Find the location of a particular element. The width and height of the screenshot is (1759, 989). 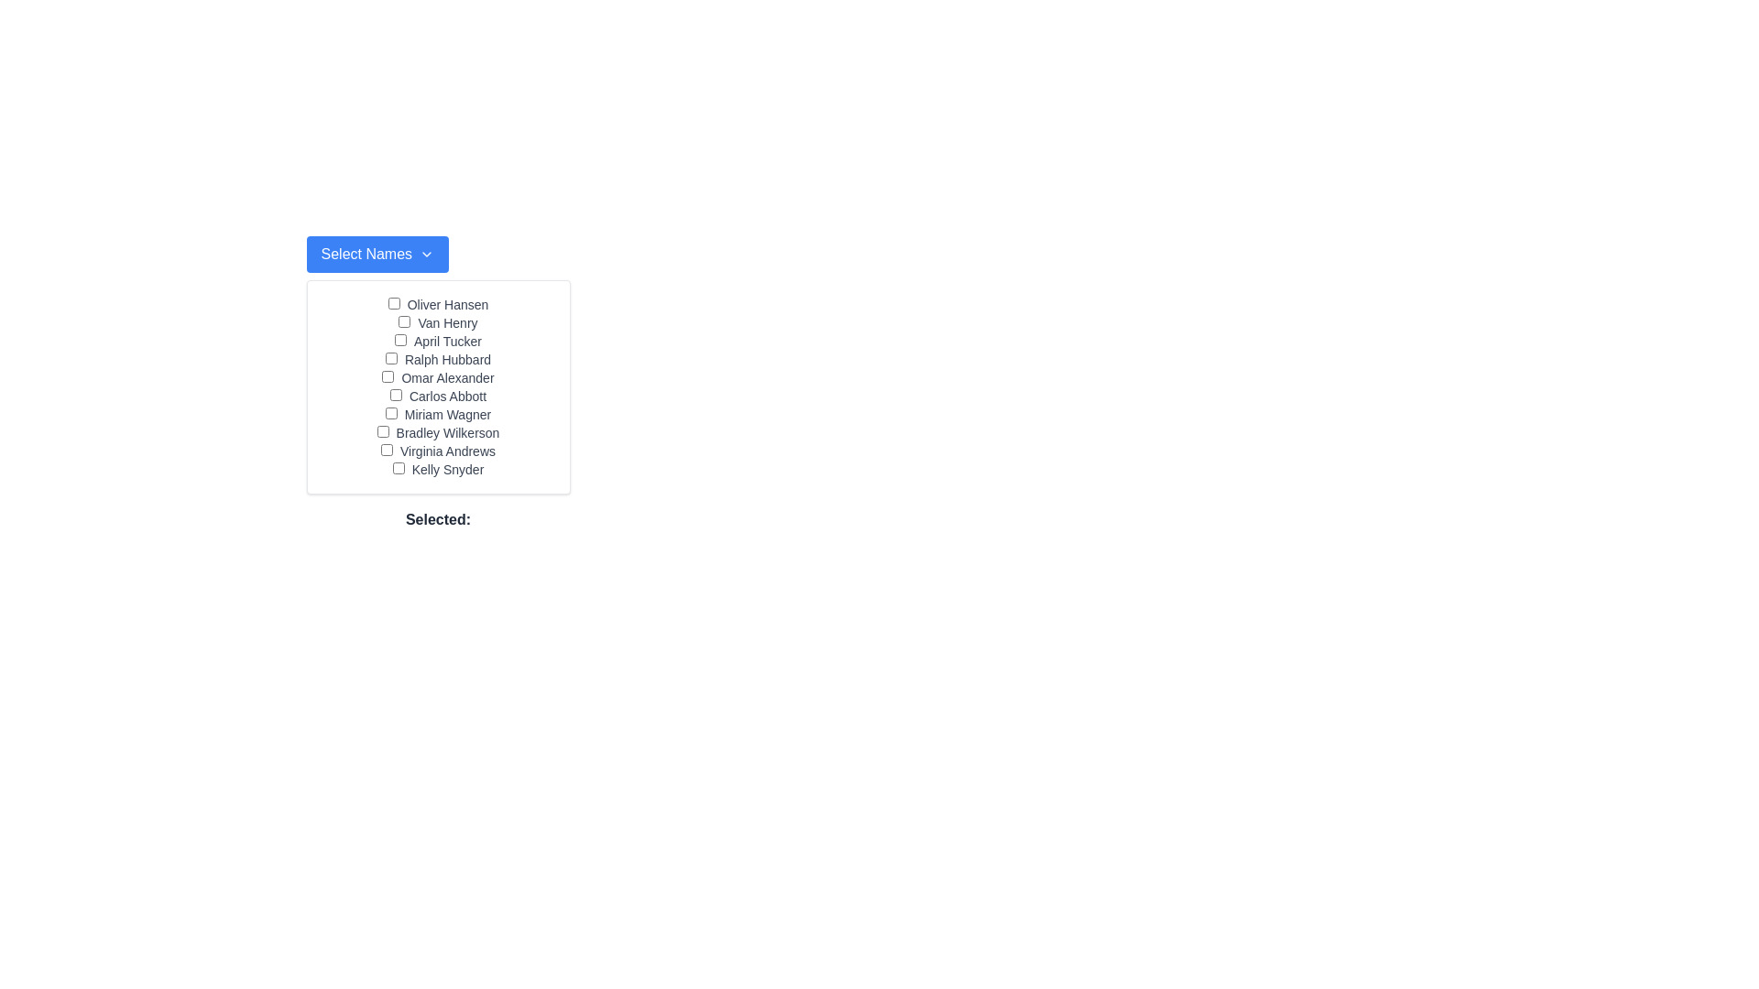

text label 'Van Henry' which is styled with a gray font next to a checkbox in the list of selectable names is located at coordinates (437, 322).